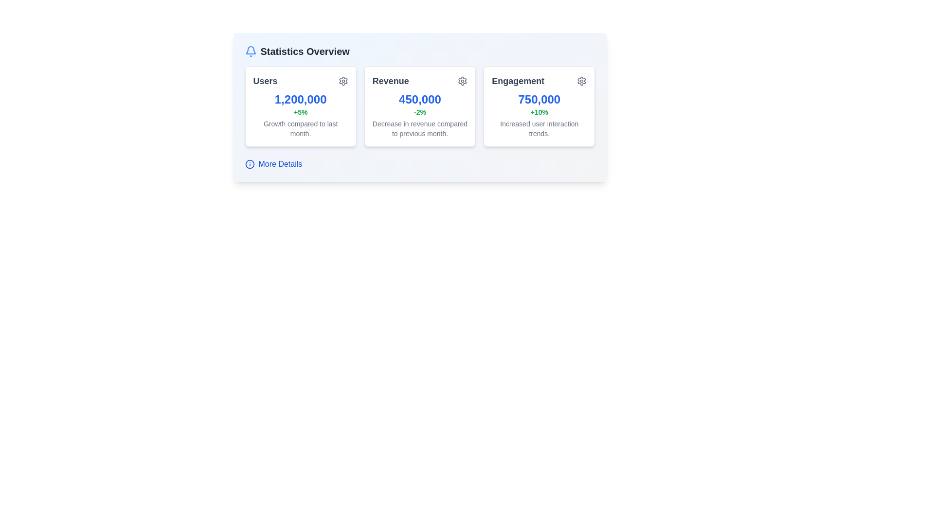  What do you see at coordinates (582, 80) in the screenshot?
I see `the gear icon located at the top-right corner of the 'Engagement' card` at bounding box center [582, 80].